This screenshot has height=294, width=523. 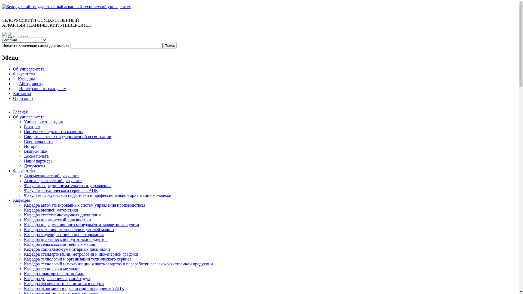 I want to click on ' ', so click(x=13, y=34).